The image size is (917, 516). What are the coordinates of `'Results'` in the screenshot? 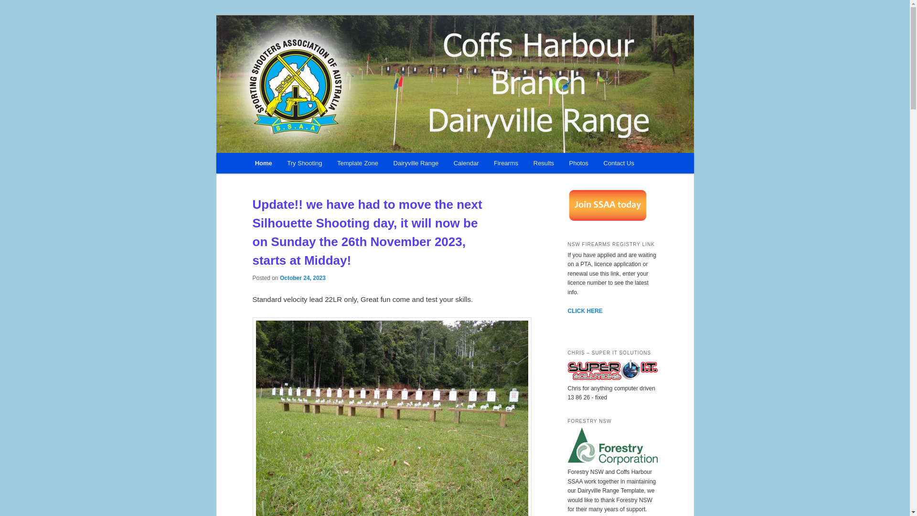 It's located at (544, 162).